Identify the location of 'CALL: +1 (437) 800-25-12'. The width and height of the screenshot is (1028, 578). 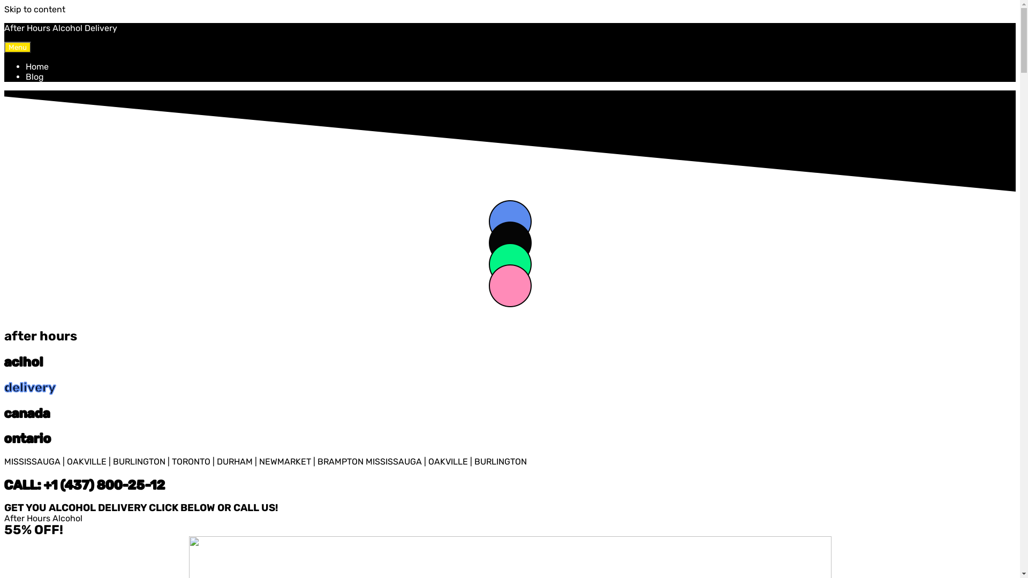
(4, 485).